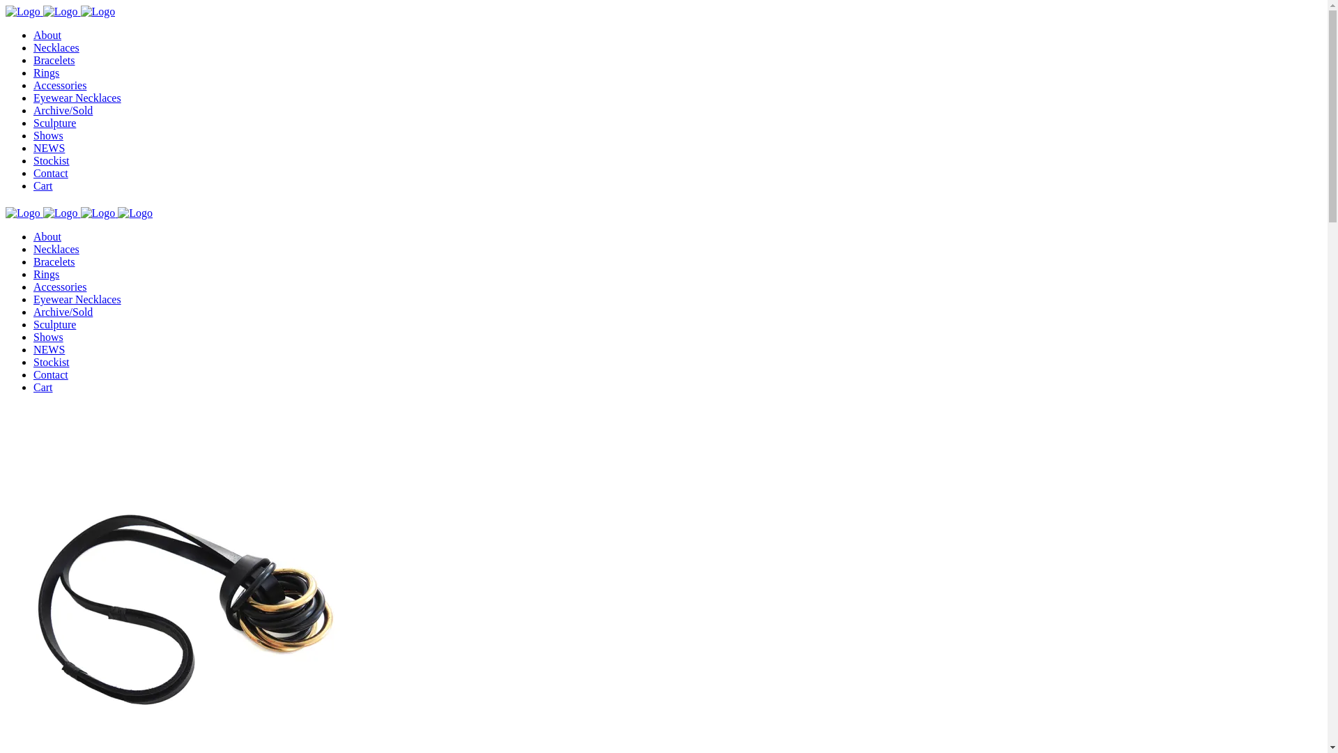 This screenshot has width=1338, height=753. What do you see at coordinates (76, 97) in the screenshot?
I see `'Eyewear Necklaces'` at bounding box center [76, 97].